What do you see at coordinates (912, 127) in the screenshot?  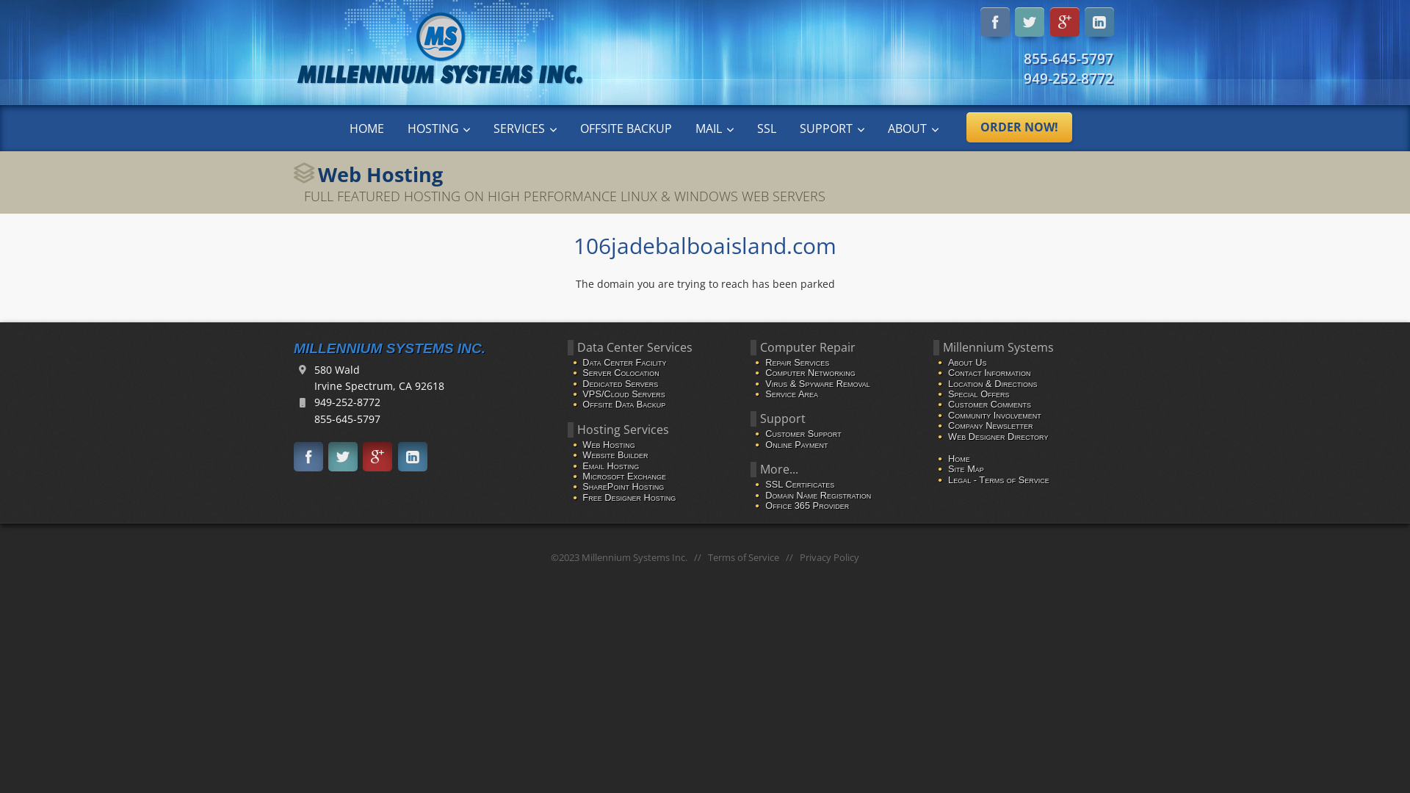 I see `'ABOUT'` at bounding box center [912, 127].